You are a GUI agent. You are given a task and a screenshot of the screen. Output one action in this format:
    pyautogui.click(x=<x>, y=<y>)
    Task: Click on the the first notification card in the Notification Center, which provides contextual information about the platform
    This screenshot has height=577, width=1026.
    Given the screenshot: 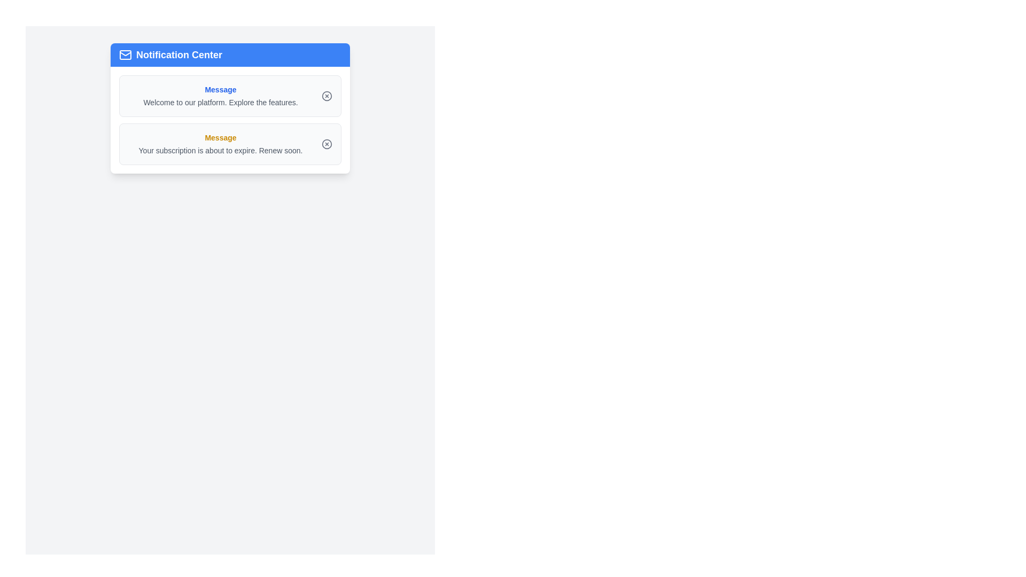 What is the action you would take?
    pyautogui.click(x=220, y=96)
    